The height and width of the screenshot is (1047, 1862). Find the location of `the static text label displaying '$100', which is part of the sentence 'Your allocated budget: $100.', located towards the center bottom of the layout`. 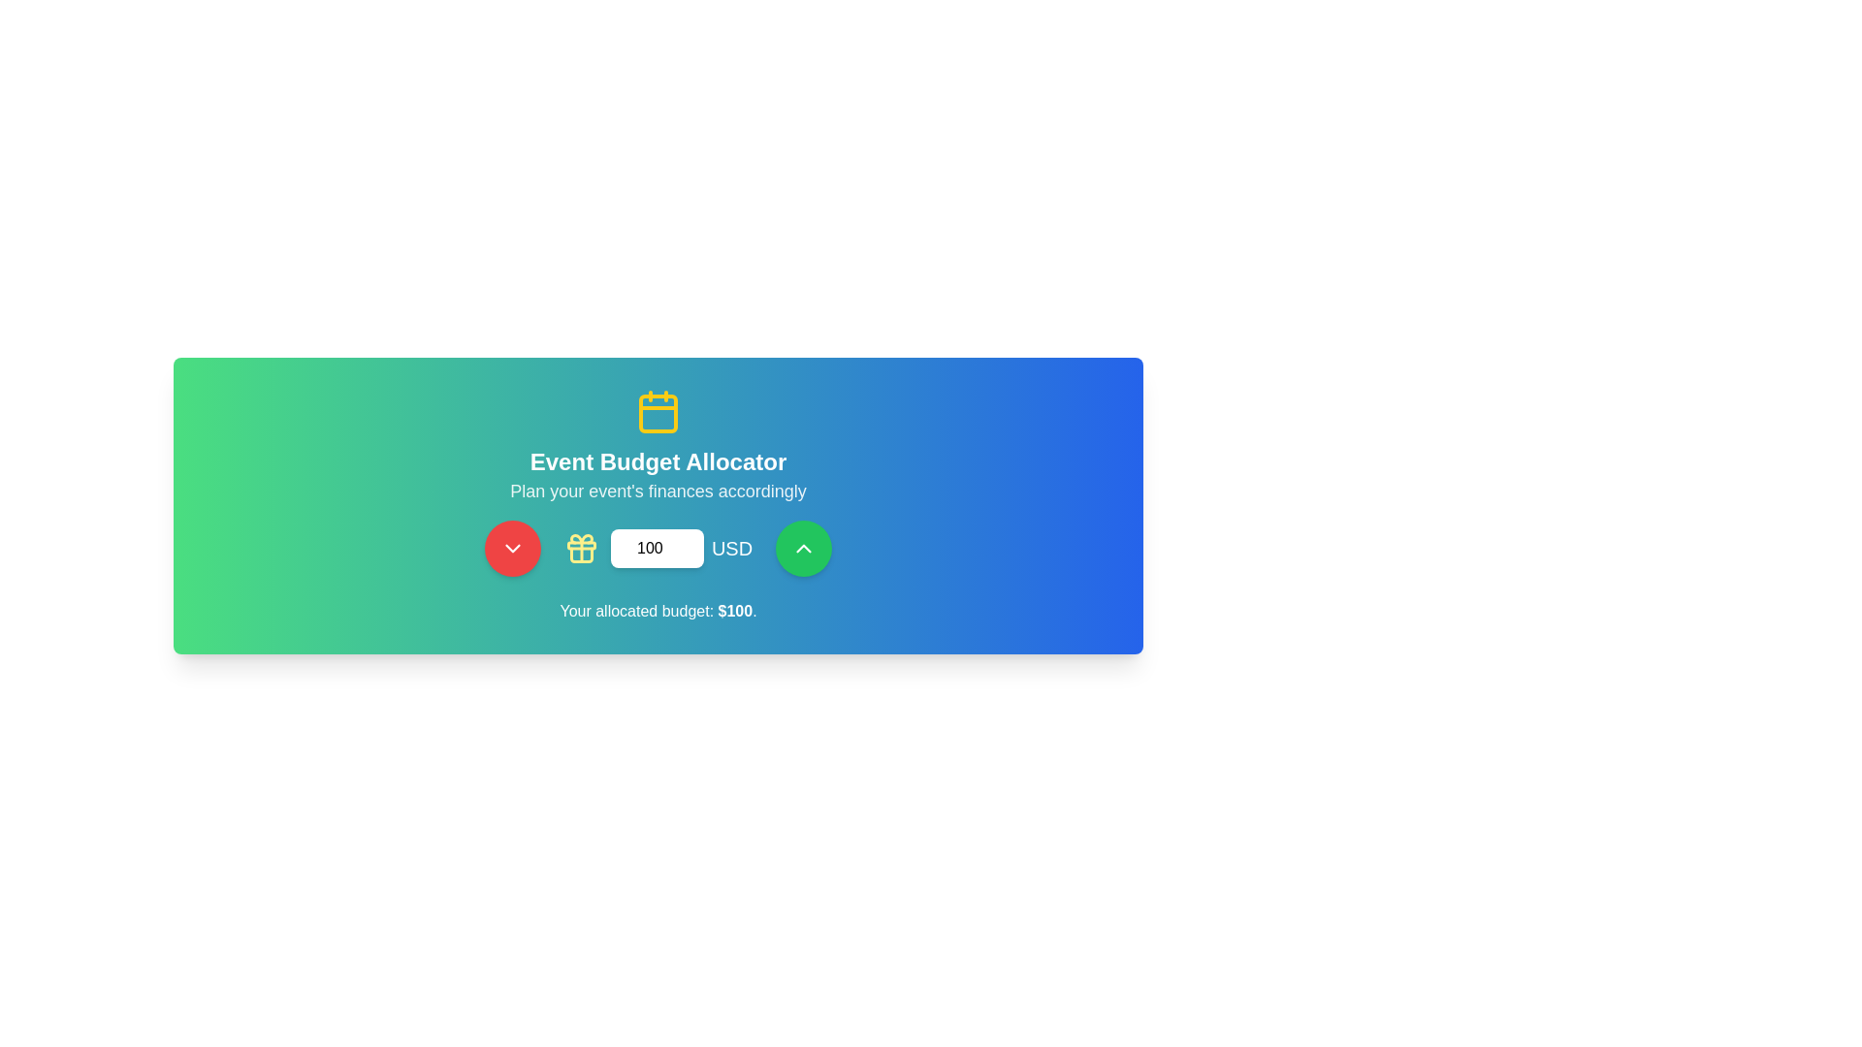

the static text label displaying '$100', which is part of the sentence 'Your allocated budget: $100.', located towards the center bottom of the layout is located at coordinates (734, 611).